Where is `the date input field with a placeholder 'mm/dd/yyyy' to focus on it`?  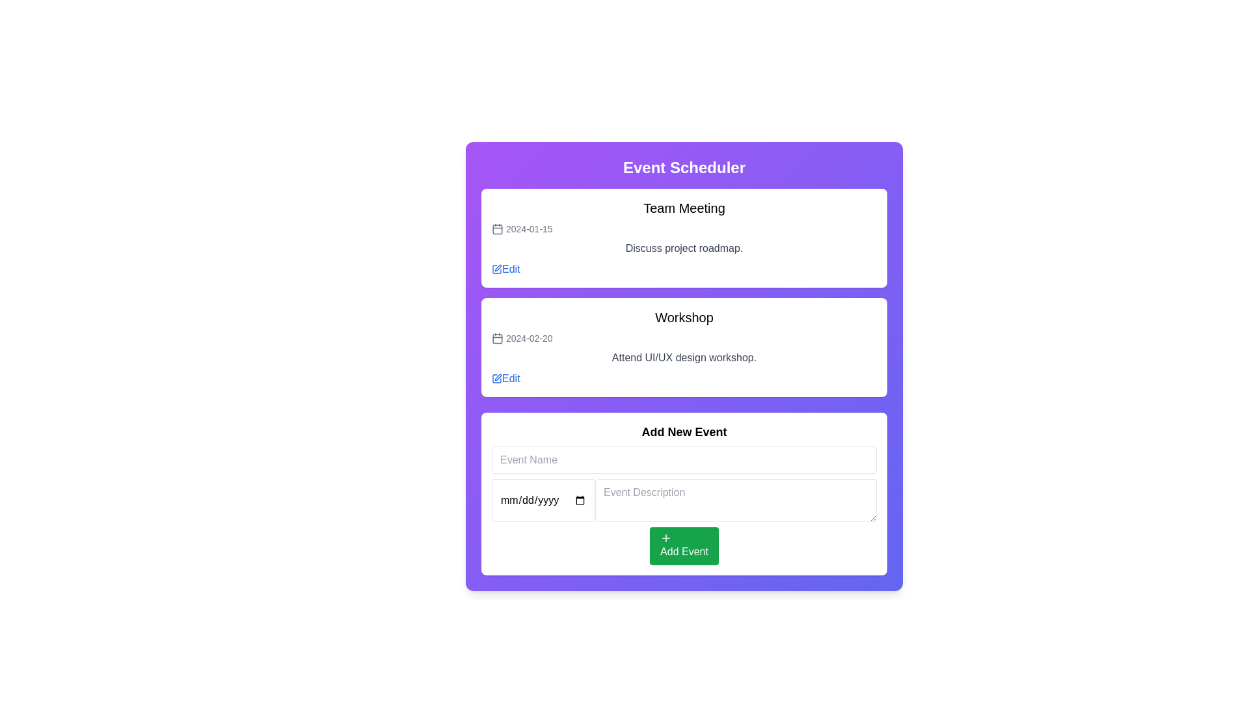 the date input field with a placeholder 'mm/dd/yyyy' to focus on it is located at coordinates (543, 499).